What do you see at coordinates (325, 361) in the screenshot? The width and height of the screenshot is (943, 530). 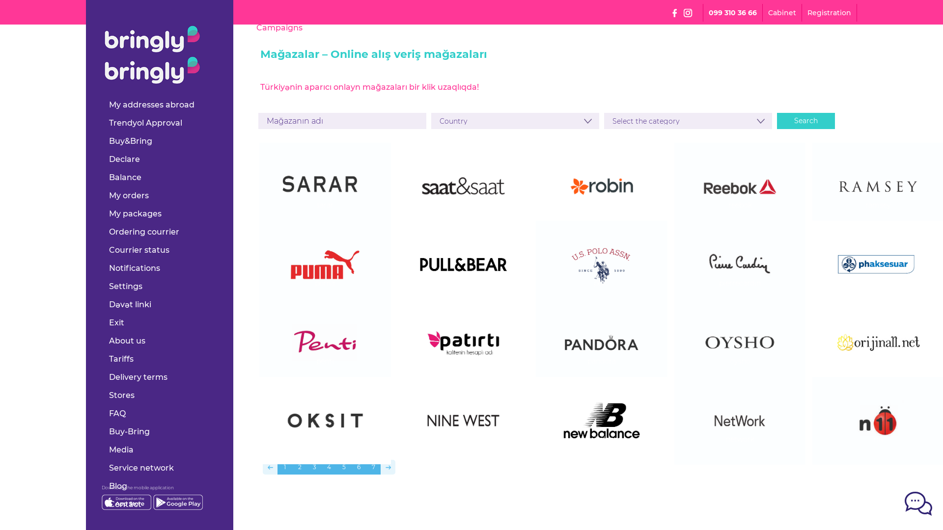 I see `'penti'` at bounding box center [325, 361].